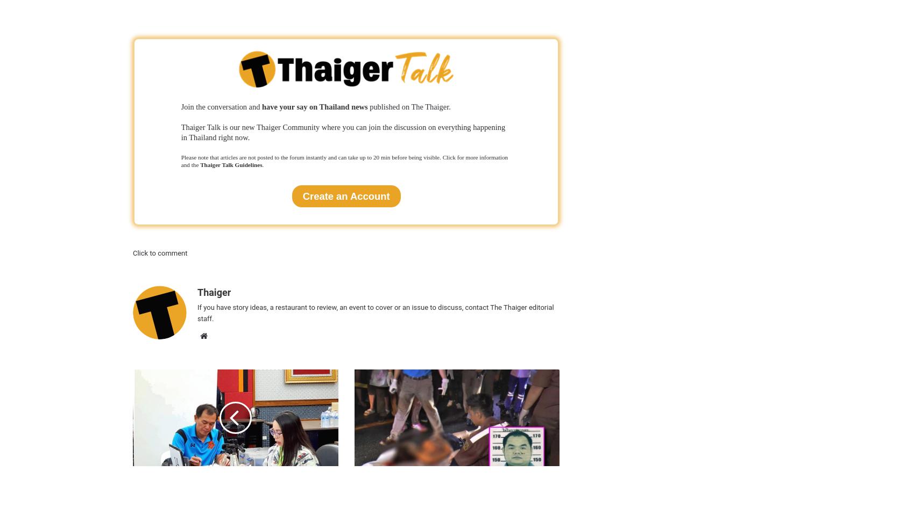  Describe the element at coordinates (180, 106) in the screenshot. I see `'Join the conversation and'` at that location.